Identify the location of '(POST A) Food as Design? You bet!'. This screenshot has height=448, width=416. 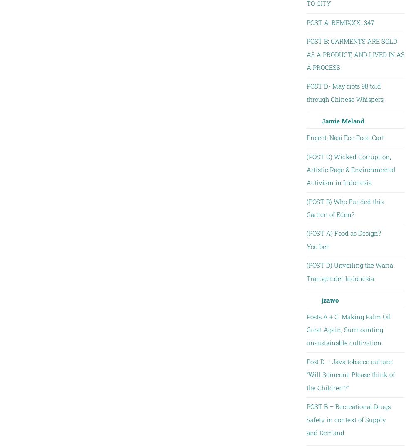
(343, 239).